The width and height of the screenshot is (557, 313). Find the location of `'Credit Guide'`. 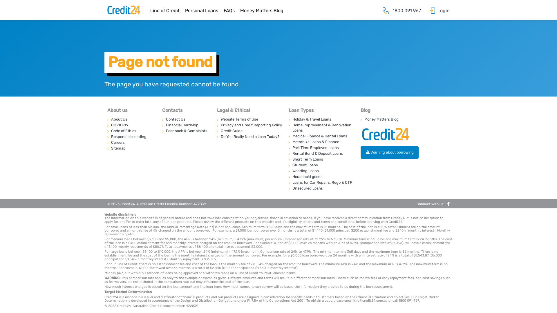

'Credit Guide' is located at coordinates (217, 131).